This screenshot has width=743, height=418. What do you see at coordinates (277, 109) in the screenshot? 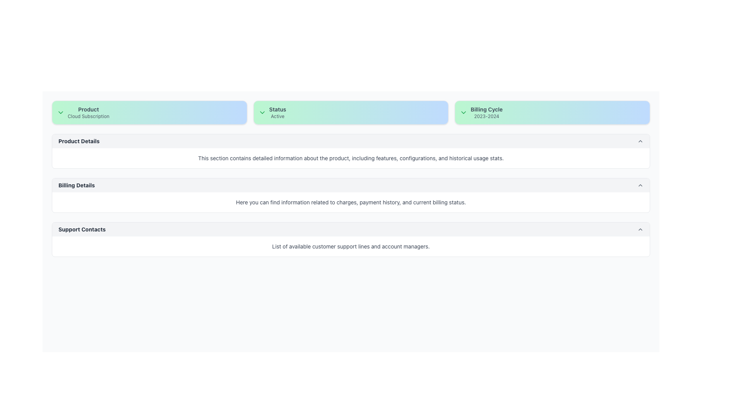
I see `the 'Status' text label, which is a bold, small gray font label located in the top section of the interface, inside a light green rectangular background, positioned above the 'Active' label` at bounding box center [277, 109].